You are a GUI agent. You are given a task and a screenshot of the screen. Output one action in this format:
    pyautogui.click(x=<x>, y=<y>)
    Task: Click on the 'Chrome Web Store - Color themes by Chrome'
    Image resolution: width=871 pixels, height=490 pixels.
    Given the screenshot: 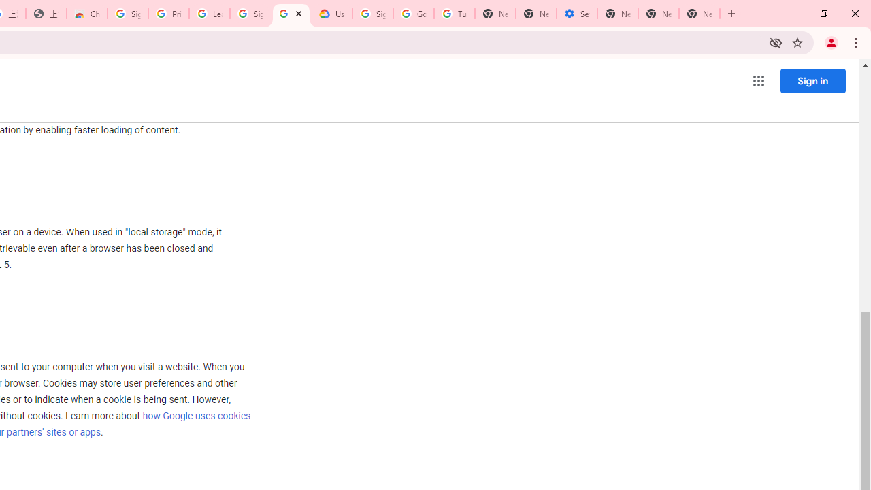 What is the action you would take?
    pyautogui.click(x=86, y=14)
    